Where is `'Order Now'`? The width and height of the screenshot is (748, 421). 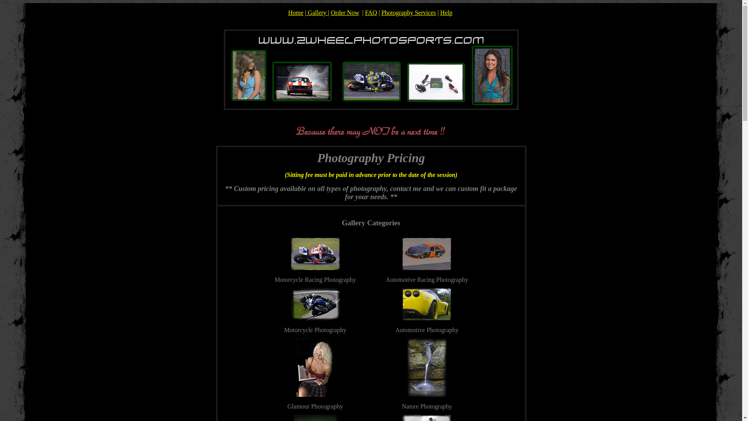 'Order Now' is located at coordinates (344, 12).